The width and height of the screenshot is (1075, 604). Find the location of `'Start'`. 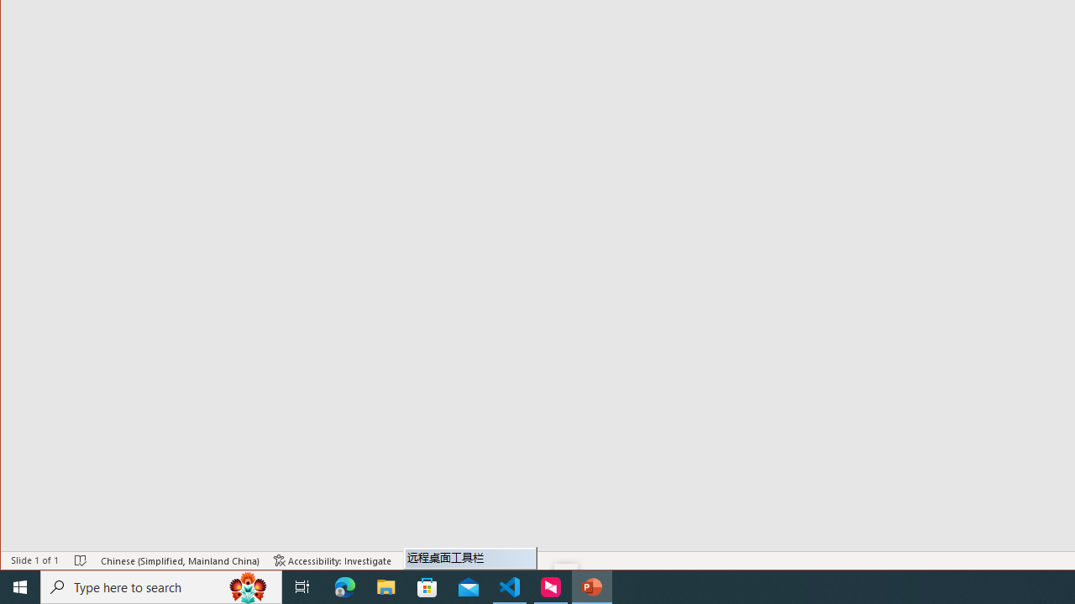

'Start' is located at coordinates (20, 586).